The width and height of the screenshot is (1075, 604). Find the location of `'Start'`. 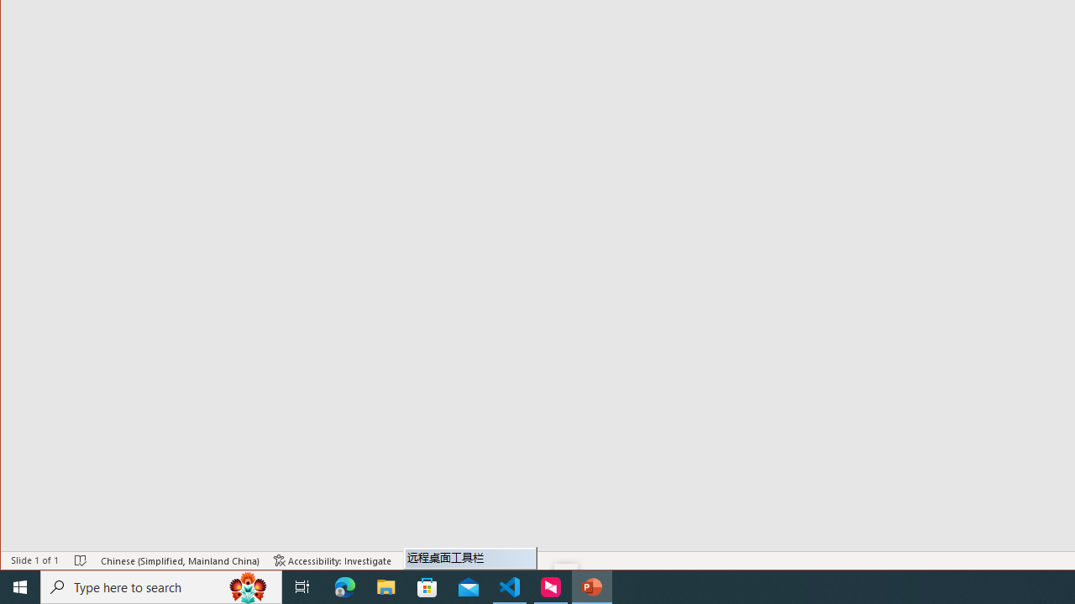

'Start' is located at coordinates (20, 586).